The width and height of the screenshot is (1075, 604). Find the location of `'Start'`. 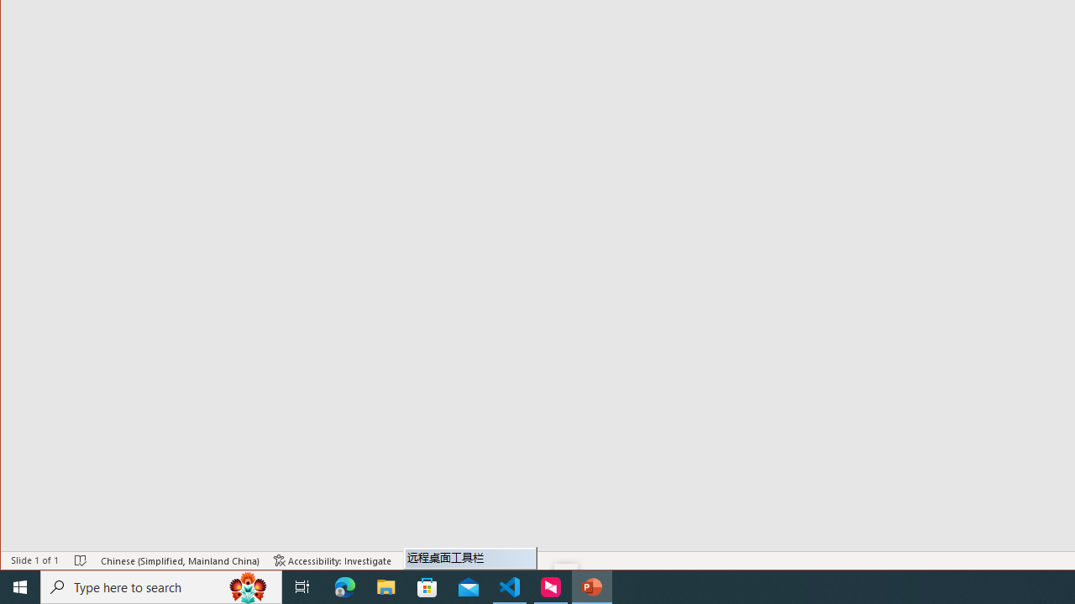

'Start' is located at coordinates (20, 586).